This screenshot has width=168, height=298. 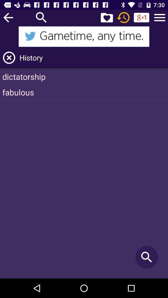 What do you see at coordinates (160, 17) in the screenshot?
I see `more option` at bounding box center [160, 17].